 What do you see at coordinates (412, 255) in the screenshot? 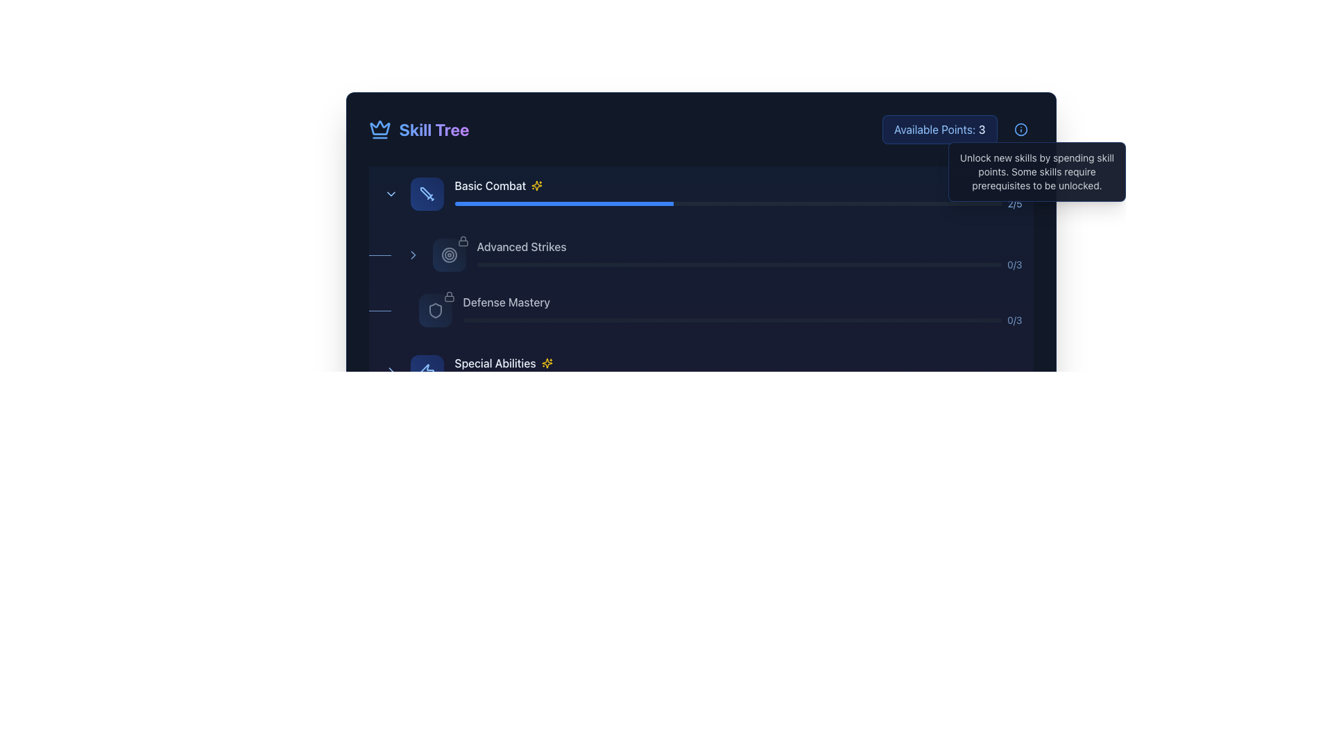
I see `the right-oriented chevron icon in the Skill Tree interface adjacent to the 'Advanced Strikes' label` at bounding box center [412, 255].